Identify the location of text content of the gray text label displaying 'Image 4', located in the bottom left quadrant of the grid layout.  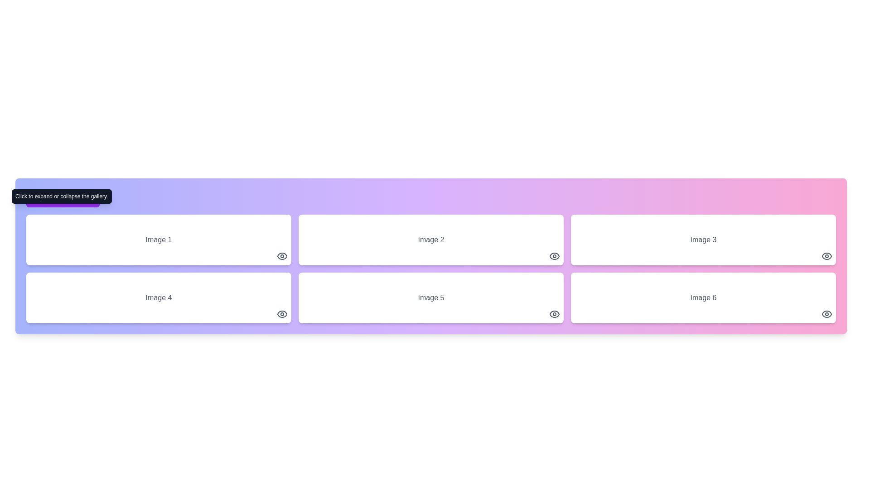
(159, 298).